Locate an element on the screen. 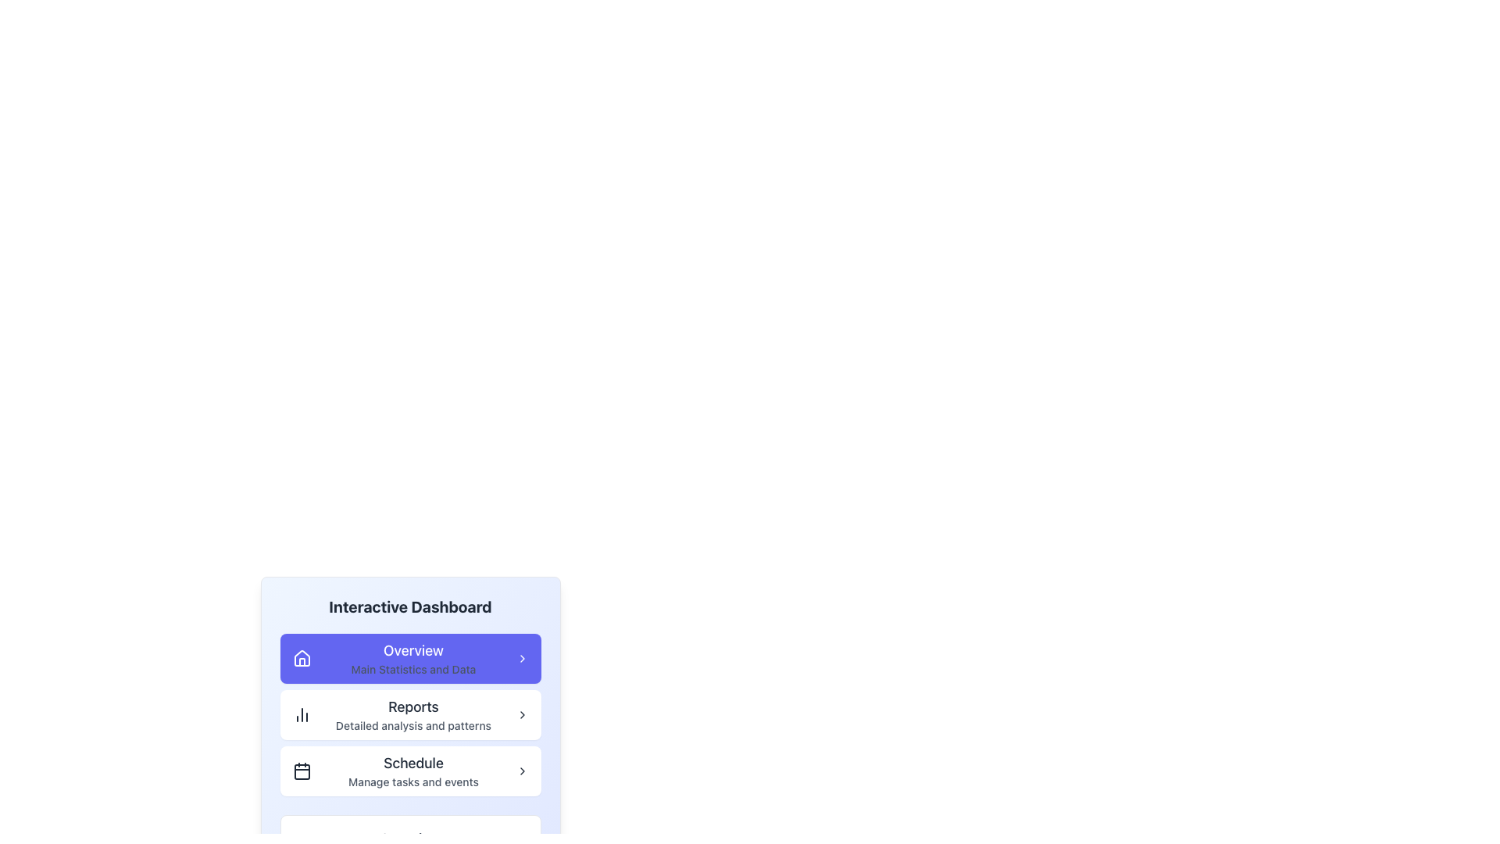 This screenshot has width=1500, height=844. the 'Overview' navigation button, which features bold white text on top and smaller gray text below, set against a rounded purple background, located in the top position of the navigation list under 'Interactive Dashboard' is located at coordinates (413, 659).